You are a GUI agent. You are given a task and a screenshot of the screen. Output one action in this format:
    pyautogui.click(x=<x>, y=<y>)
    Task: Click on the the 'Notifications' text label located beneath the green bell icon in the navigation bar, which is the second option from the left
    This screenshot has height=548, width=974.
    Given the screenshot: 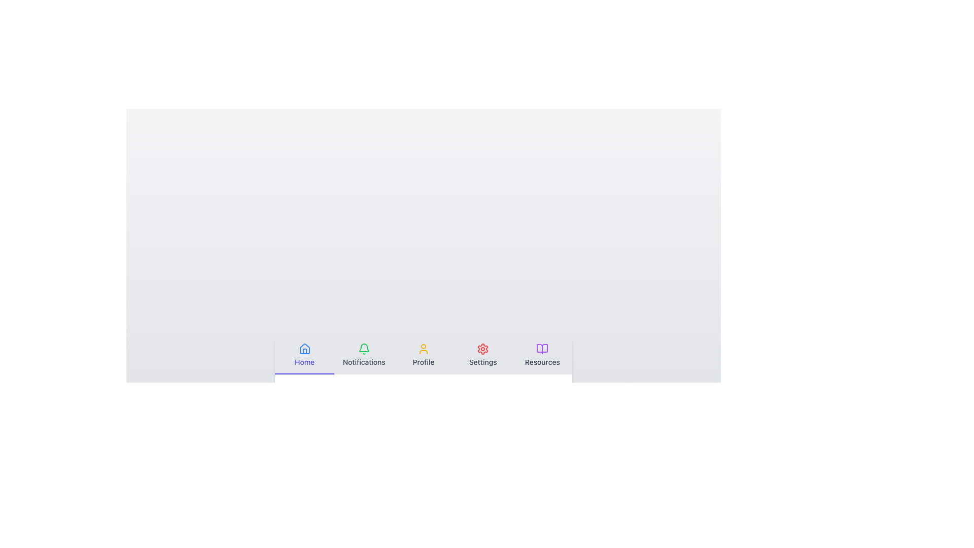 What is the action you would take?
    pyautogui.click(x=364, y=361)
    